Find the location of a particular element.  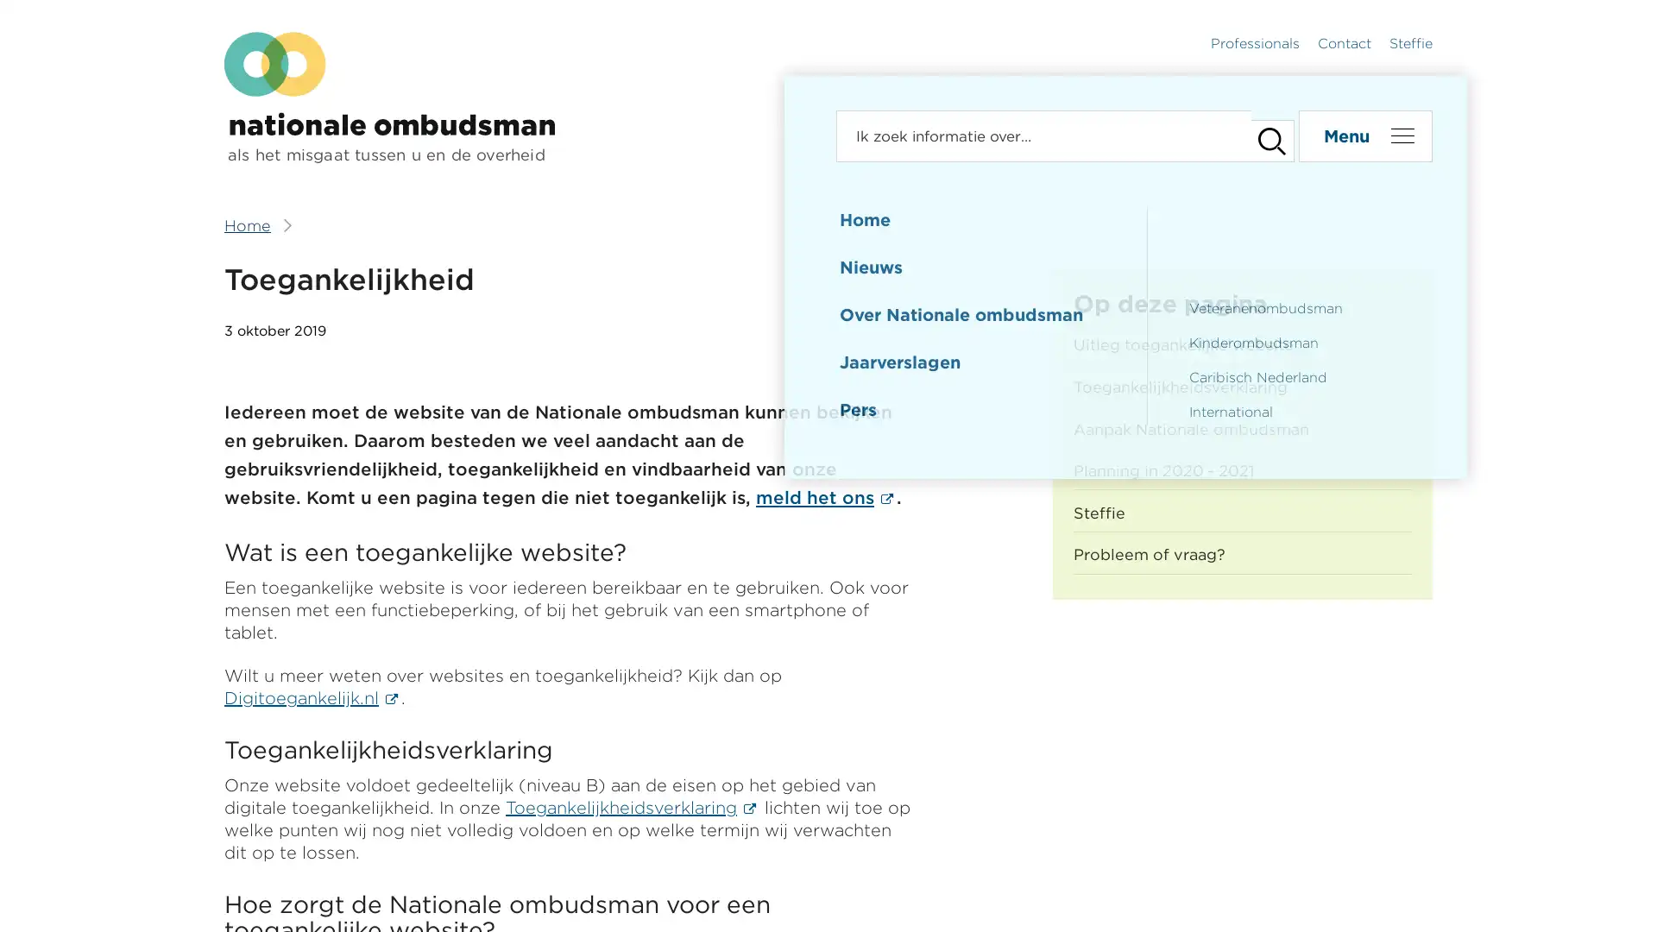

Zoeken is located at coordinates (1263, 135).